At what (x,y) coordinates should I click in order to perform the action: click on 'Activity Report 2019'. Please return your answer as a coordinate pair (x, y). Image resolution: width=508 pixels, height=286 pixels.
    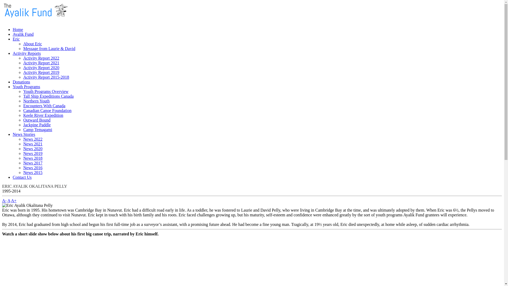
    Looking at the image, I should click on (41, 72).